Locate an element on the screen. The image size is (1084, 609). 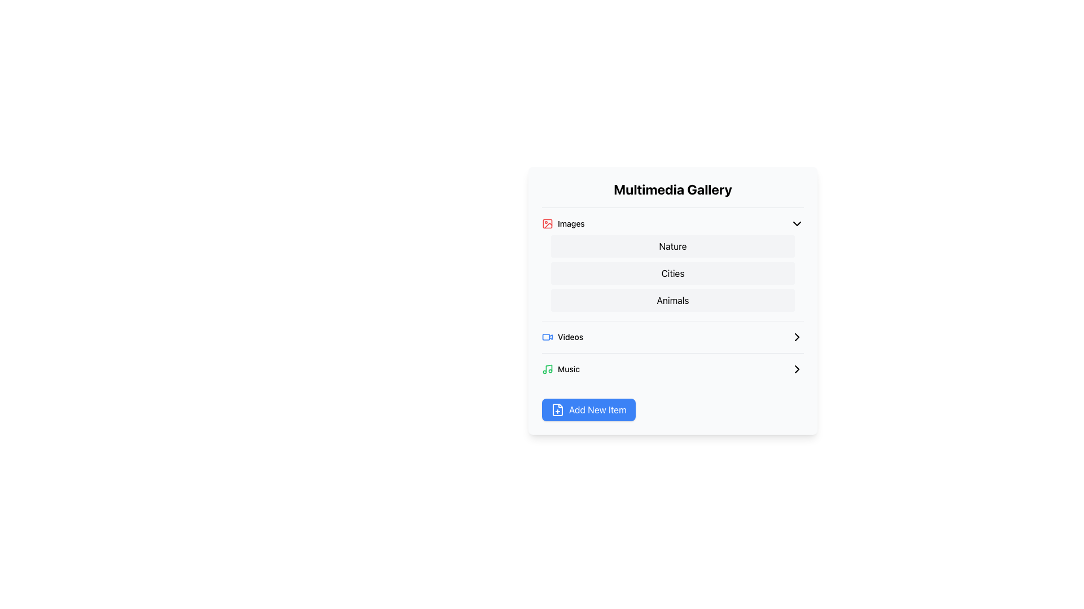
the second selectable item in the 'Multimedia Gallery' is located at coordinates (672, 336).